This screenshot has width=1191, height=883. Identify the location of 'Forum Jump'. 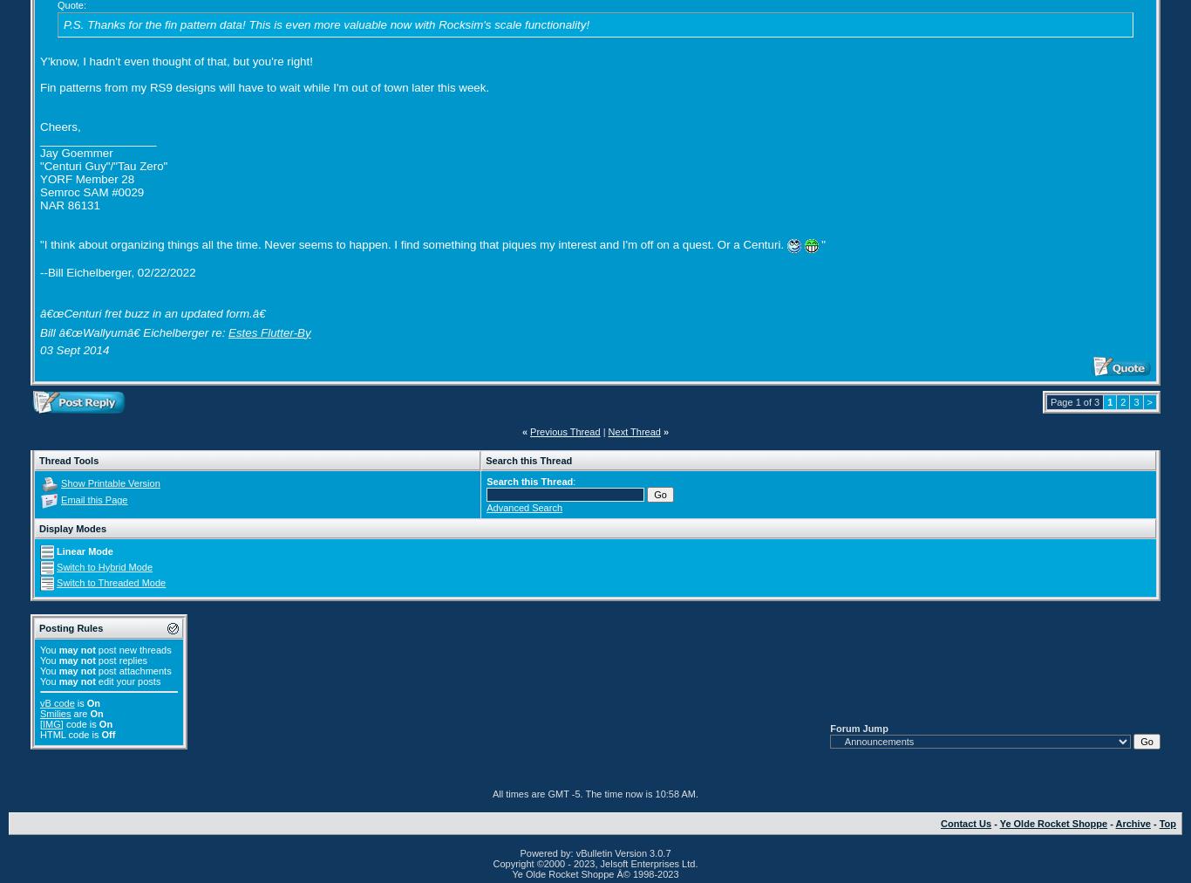
(859, 726).